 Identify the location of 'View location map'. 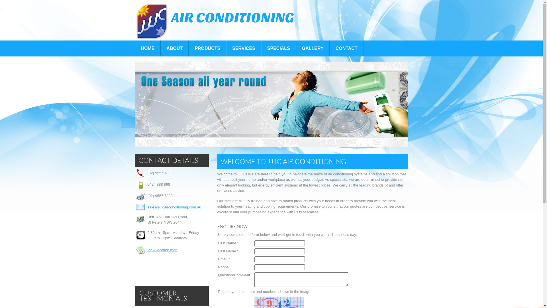
(148, 250).